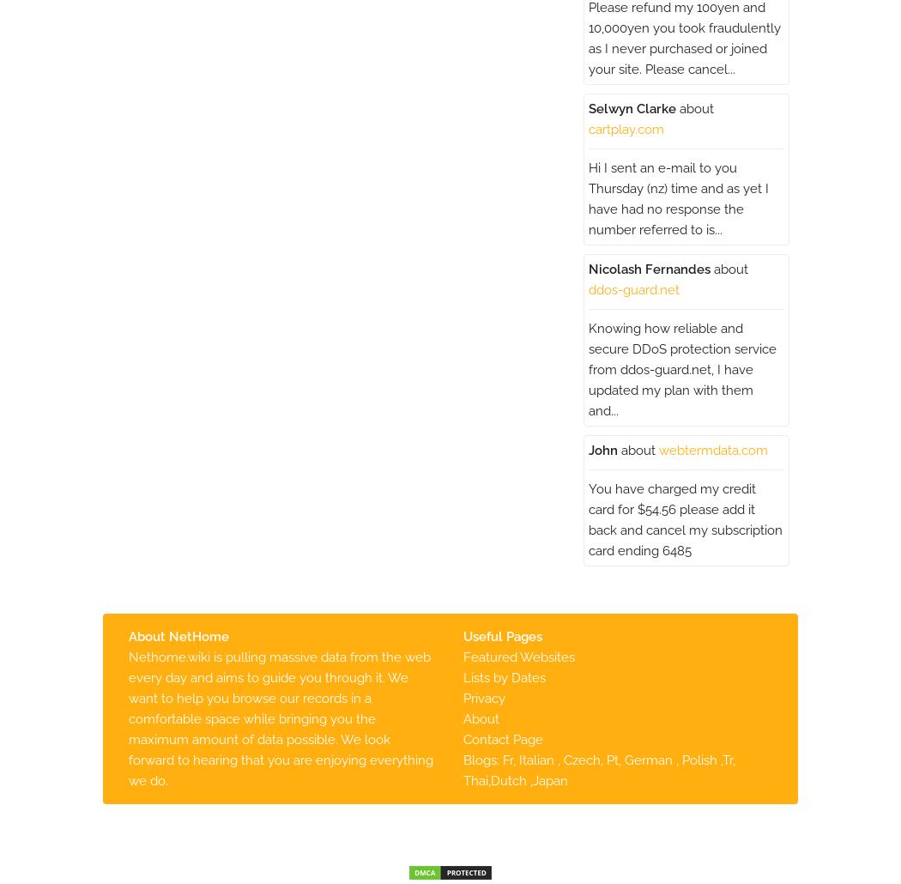 This screenshot has width=901, height=884. Describe the element at coordinates (649, 759) in the screenshot. I see `'German'` at that location.